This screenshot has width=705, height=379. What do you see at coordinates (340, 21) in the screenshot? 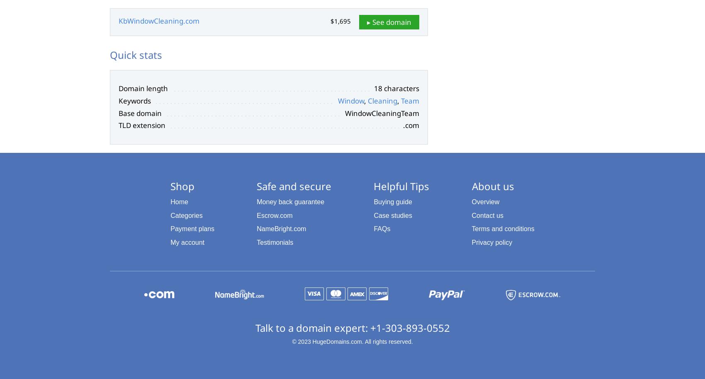
I see `'$1,695'` at bounding box center [340, 21].